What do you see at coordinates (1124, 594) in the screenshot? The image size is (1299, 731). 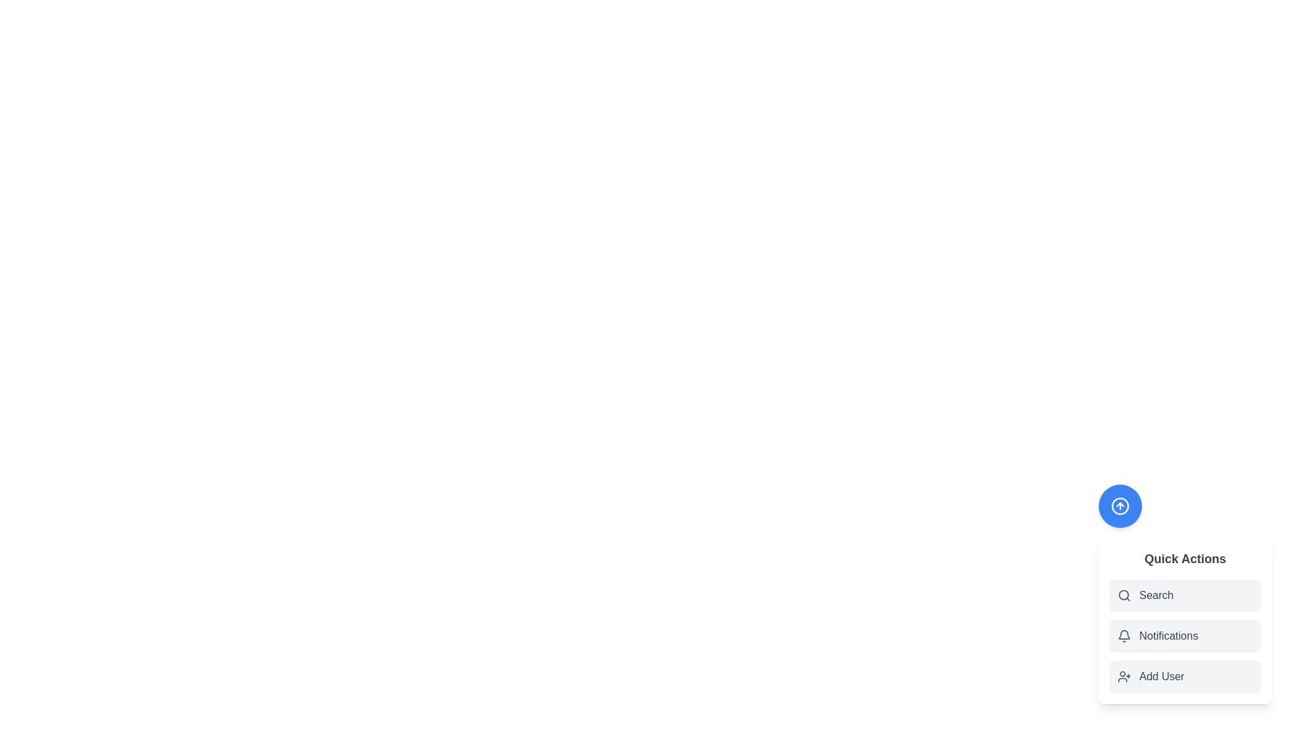 I see `the gray magnifying glass icon located next to the 'Search' text label in the 'Quick Actions' menu` at bounding box center [1124, 594].